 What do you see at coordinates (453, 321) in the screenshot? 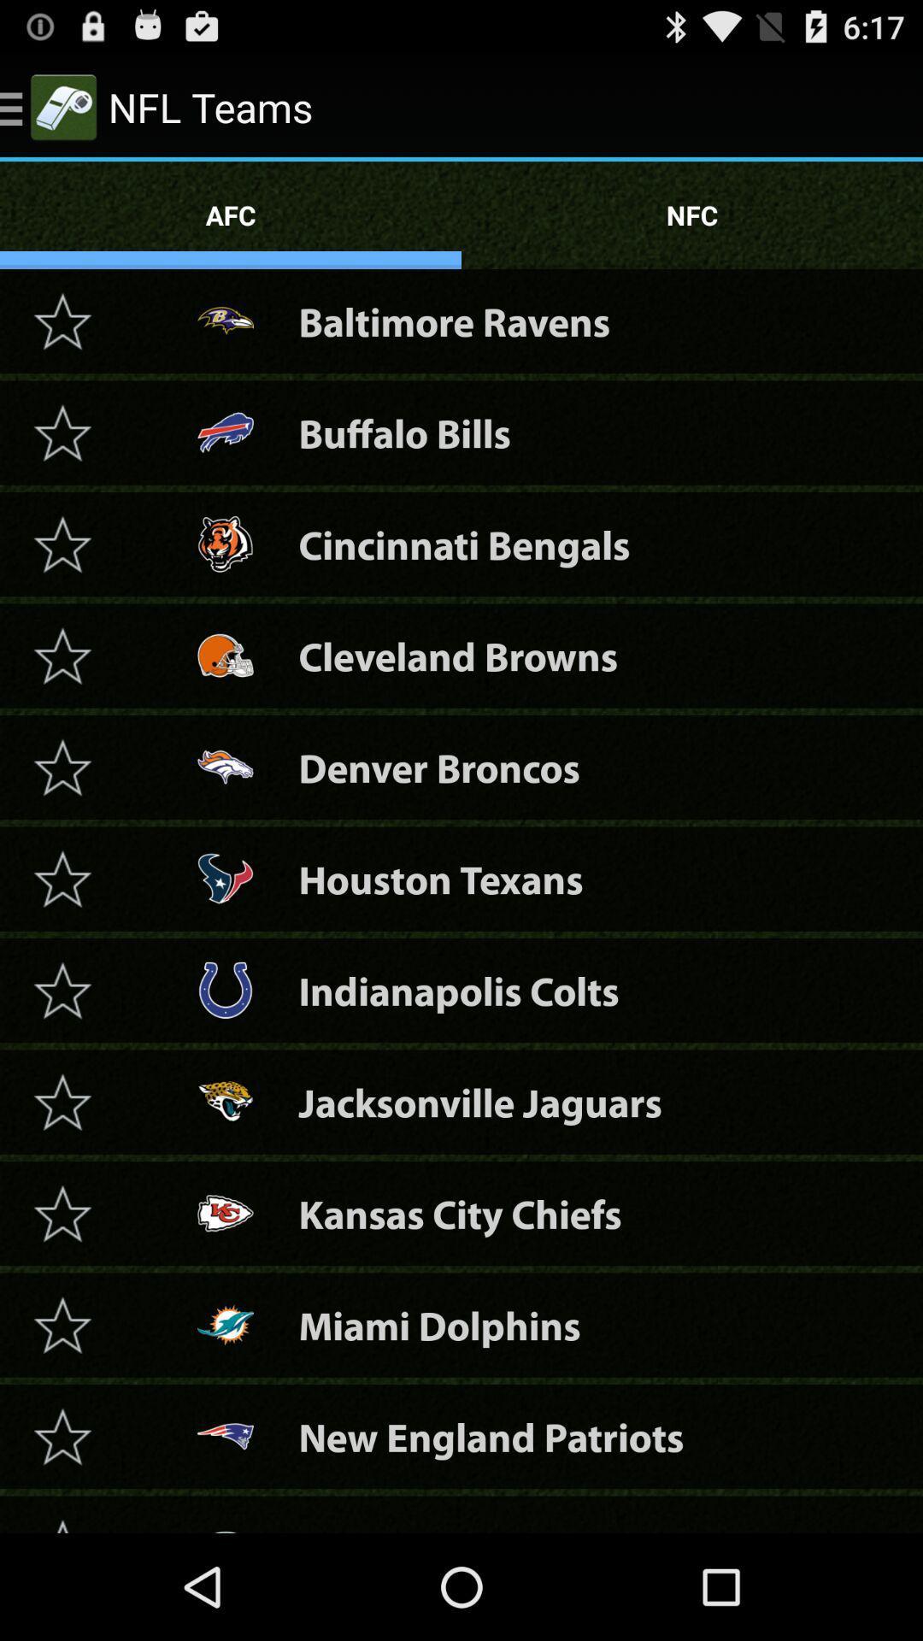
I see `the app below afc app` at bounding box center [453, 321].